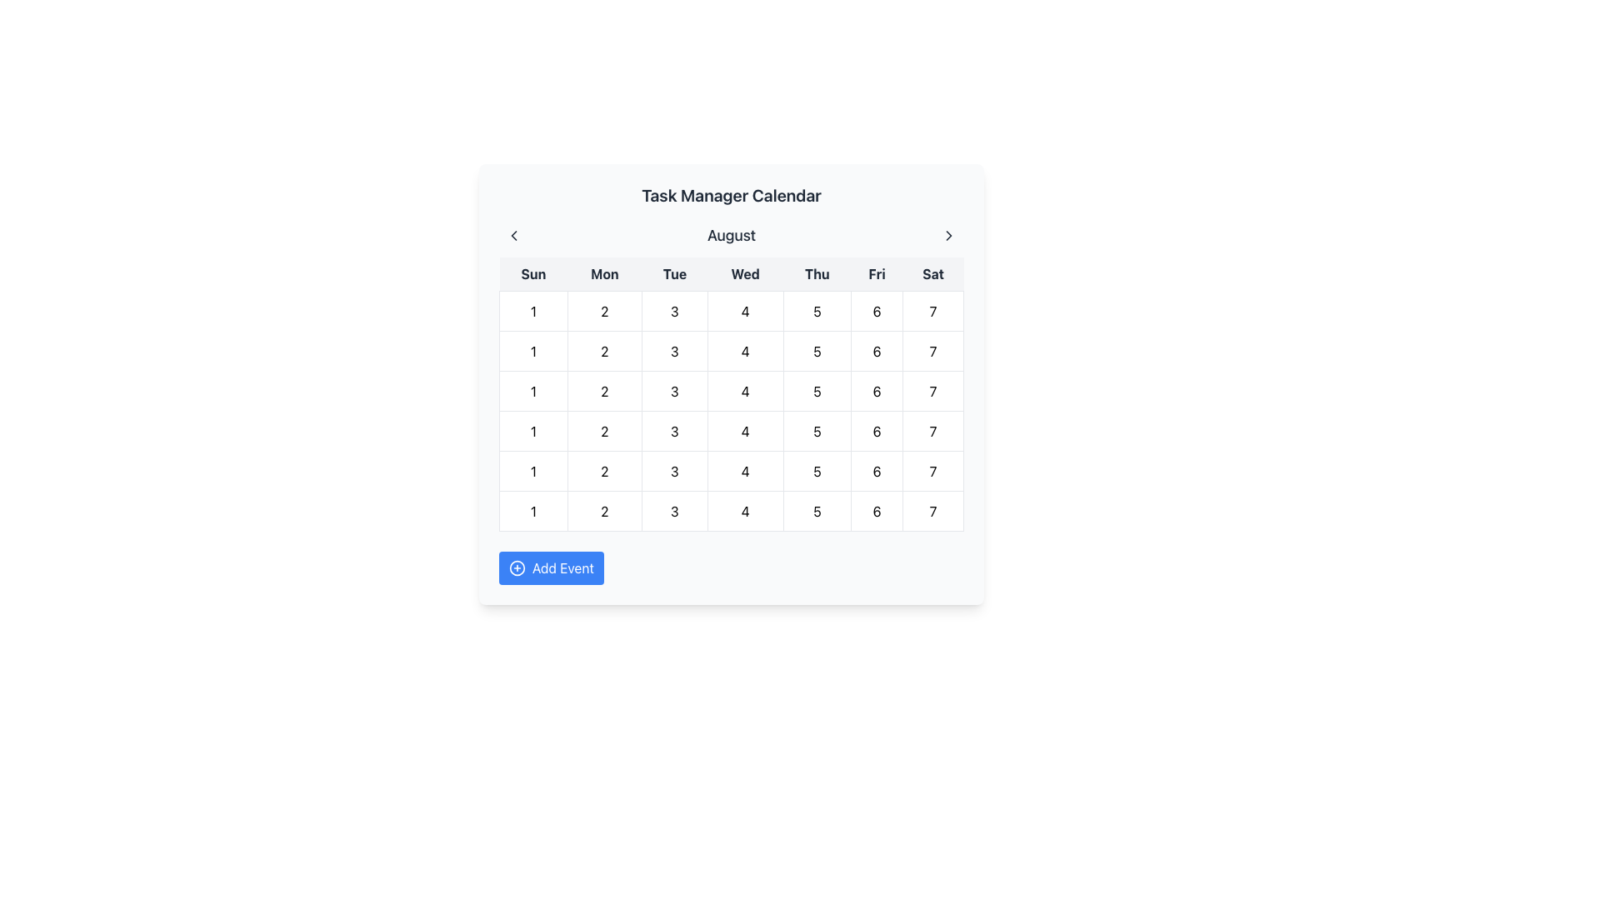 The height and width of the screenshot is (900, 1600). Describe the element at coordinates (933, 510) in the screenshot. I see `the small, square-shaped button displaying the number '7' located in the bottom-right corner of the calendar grid under the 'Saturday' column` at that location.